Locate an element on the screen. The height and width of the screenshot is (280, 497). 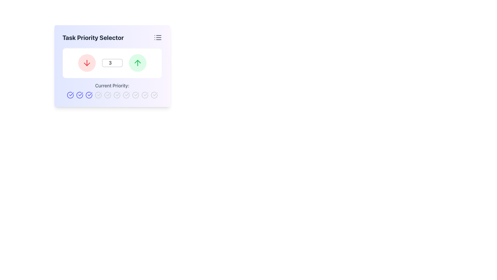
the third active circular icon with a check mark inside it, styled in indigo color, located in the 'Current Priority' section is located at coordinates (89, 95).